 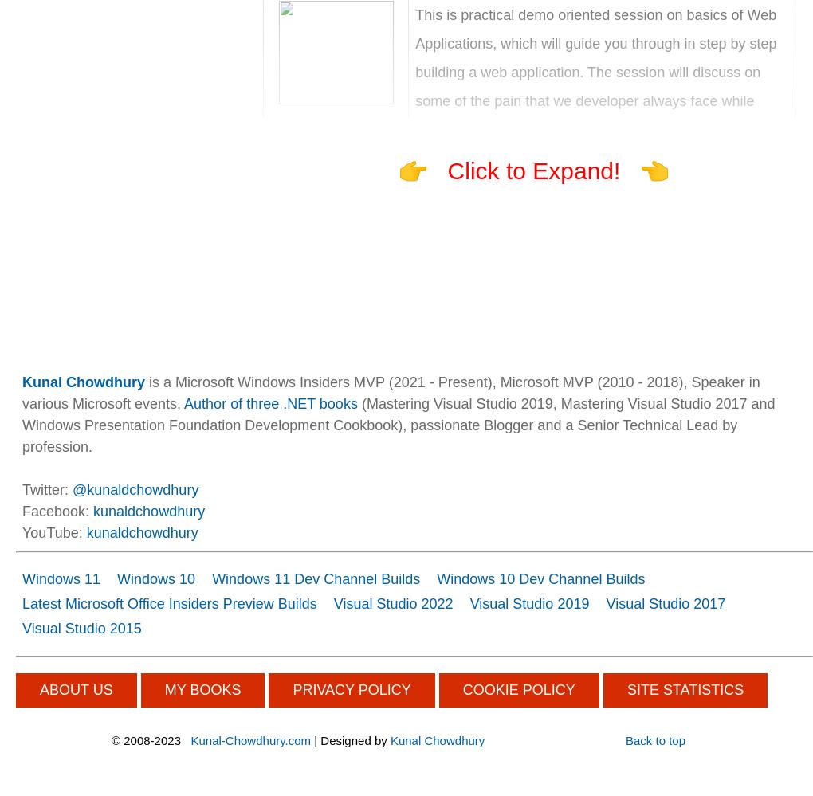 I want to click on 'Windows 10 Dev Channel Builds', so click(x=436, y=578).